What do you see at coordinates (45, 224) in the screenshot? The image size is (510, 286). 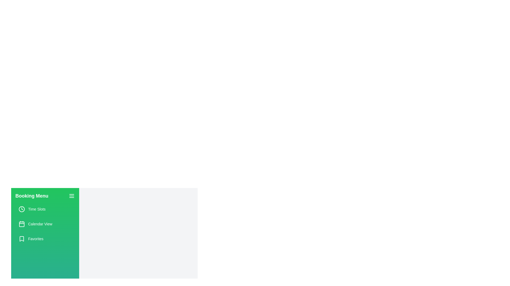 I see `the menu option Calendar View` at bounding box center [45, 224].